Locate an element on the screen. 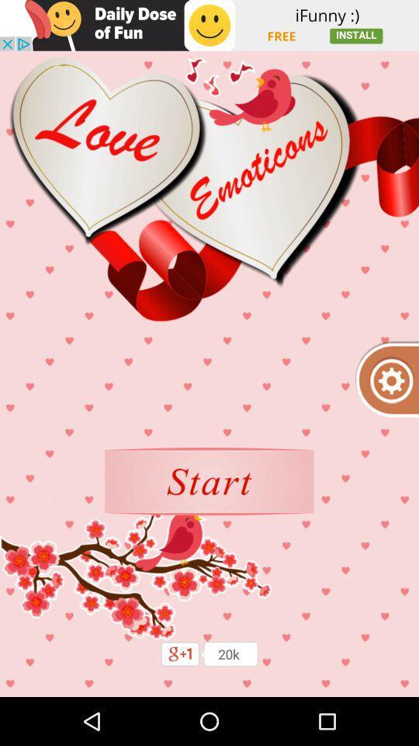 This screenshot has width=419, height=746. button to play next option is located at coordinates (209, 480).